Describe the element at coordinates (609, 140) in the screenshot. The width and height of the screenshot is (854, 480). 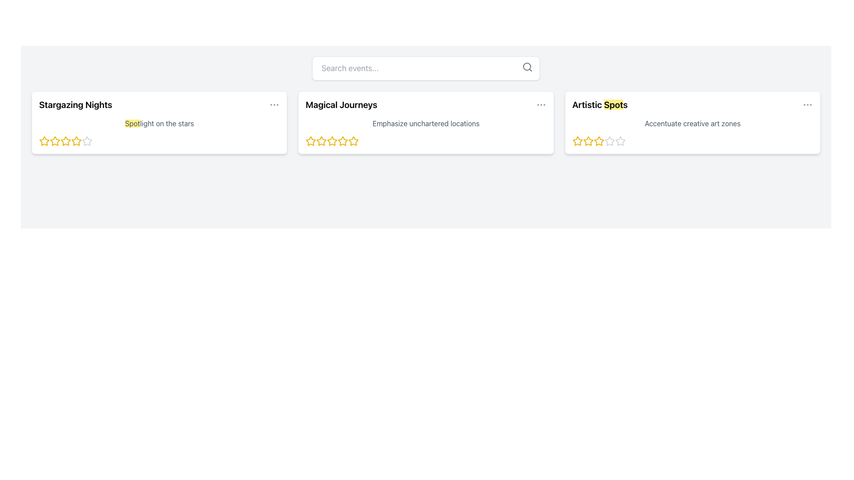
I see `the fourth star in the rating section under 'Artistic Spots'` at that location.